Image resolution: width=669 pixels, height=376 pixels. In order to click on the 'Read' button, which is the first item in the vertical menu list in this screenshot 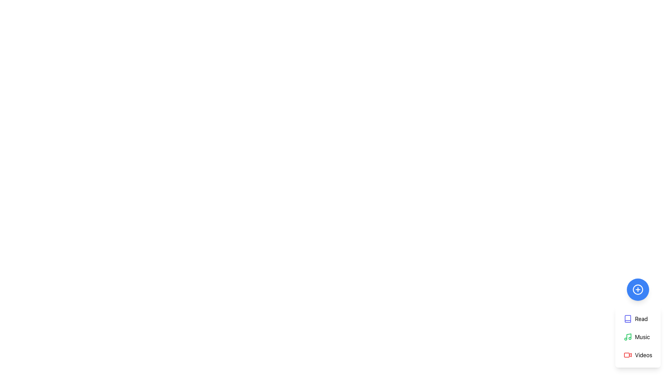, I will do `click(641, 319)`.